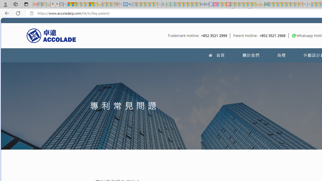 The image size is (322, 181). Describe the element at coordinates (275, 4) in the screenshot. I see `'Microsoft account | Privacy - Sleeping'` at that location.